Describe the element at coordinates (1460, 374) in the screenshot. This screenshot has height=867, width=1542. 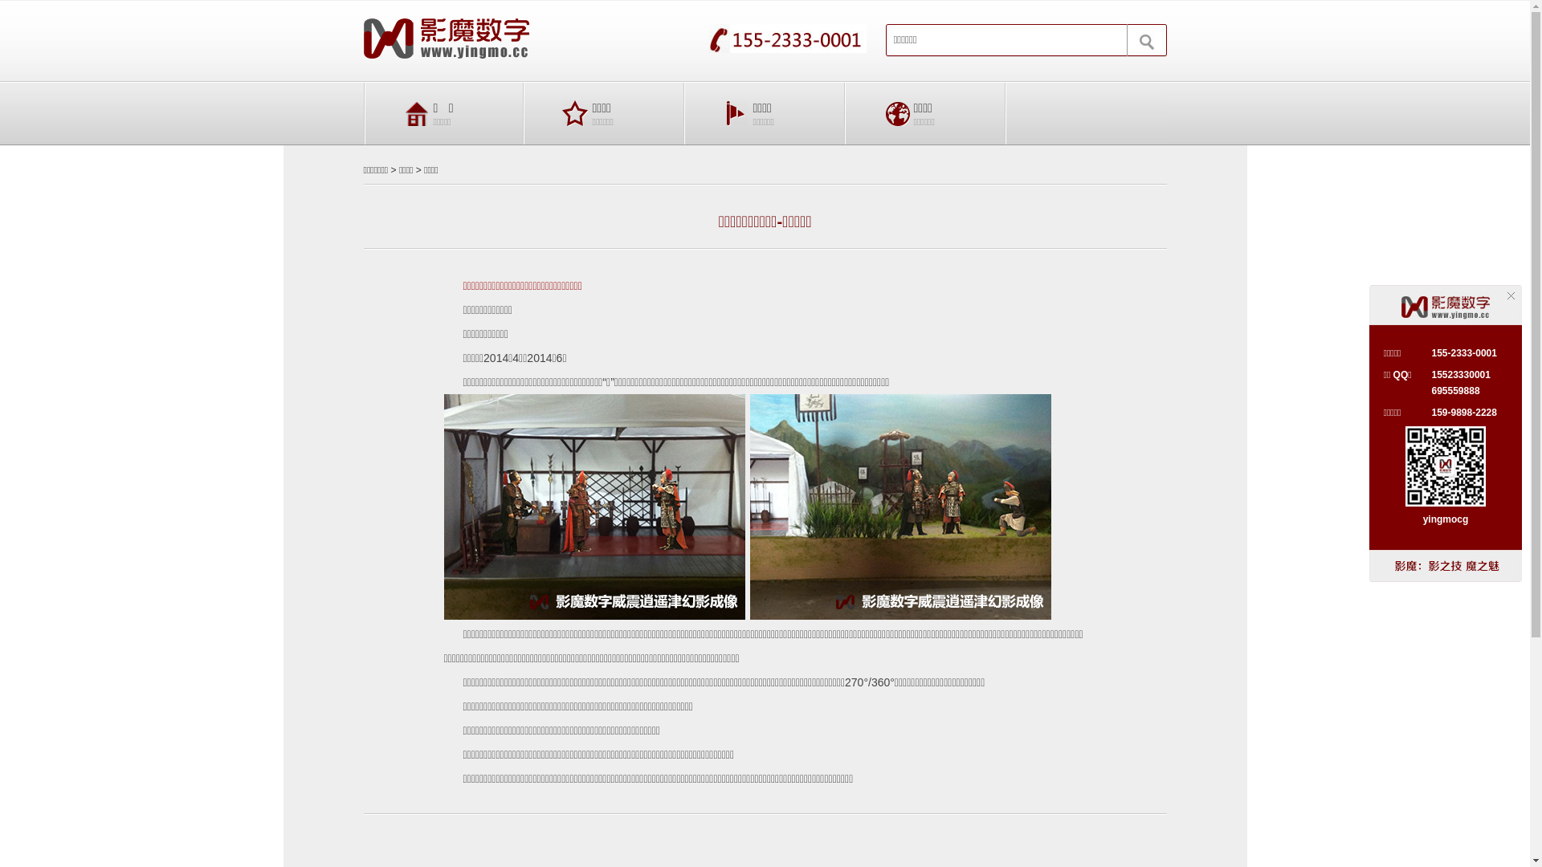
I see `'15523330001'` at that location.